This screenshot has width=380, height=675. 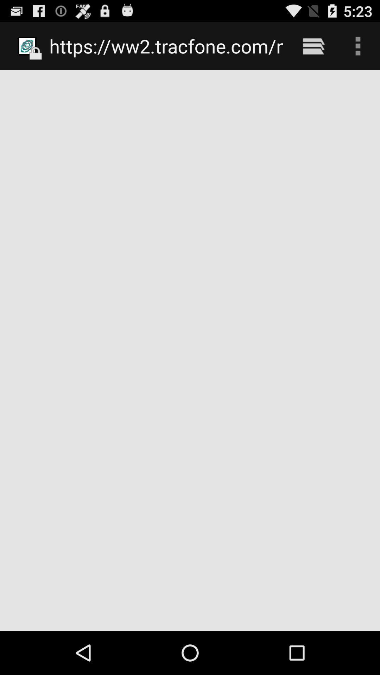 I want to click on the https ww2 tracfone, so click(x=166, y=46).